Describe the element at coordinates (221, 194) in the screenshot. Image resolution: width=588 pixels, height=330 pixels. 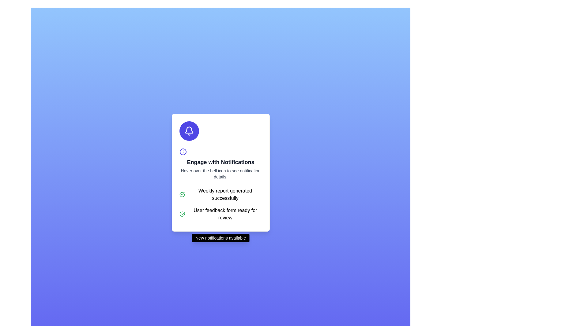
I see `text content of the first notification entry displaying 'Weekly report generated successfully' with a green checkmark icon` at that location.